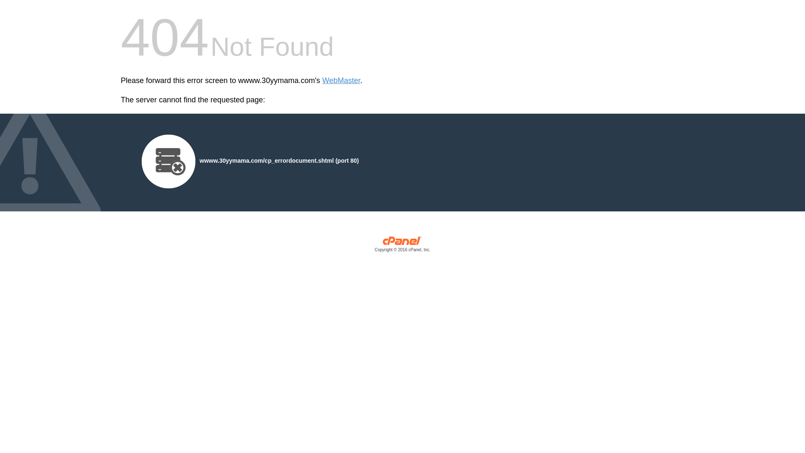 This screenshot has height=453, width=805. I want to click on 'WebMaster', so click(322, 81).